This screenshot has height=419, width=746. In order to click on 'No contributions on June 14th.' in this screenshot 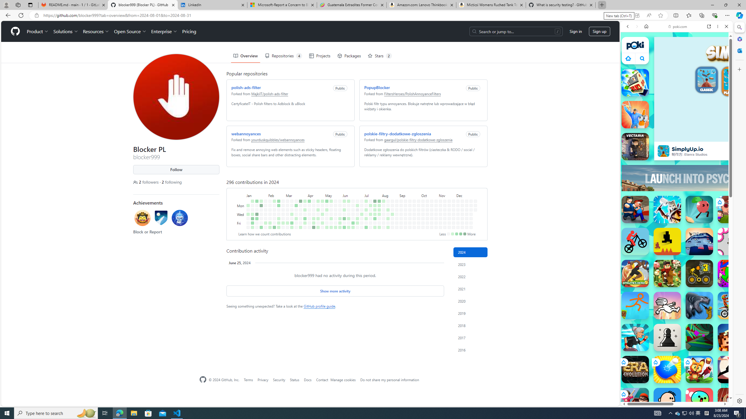, I will do `click(348, 223)`.